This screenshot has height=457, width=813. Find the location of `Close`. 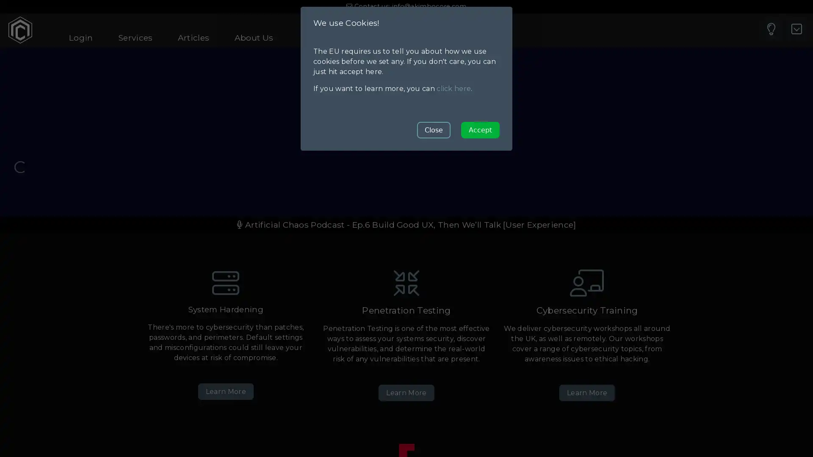

Close is located at coordinates (433, 130).